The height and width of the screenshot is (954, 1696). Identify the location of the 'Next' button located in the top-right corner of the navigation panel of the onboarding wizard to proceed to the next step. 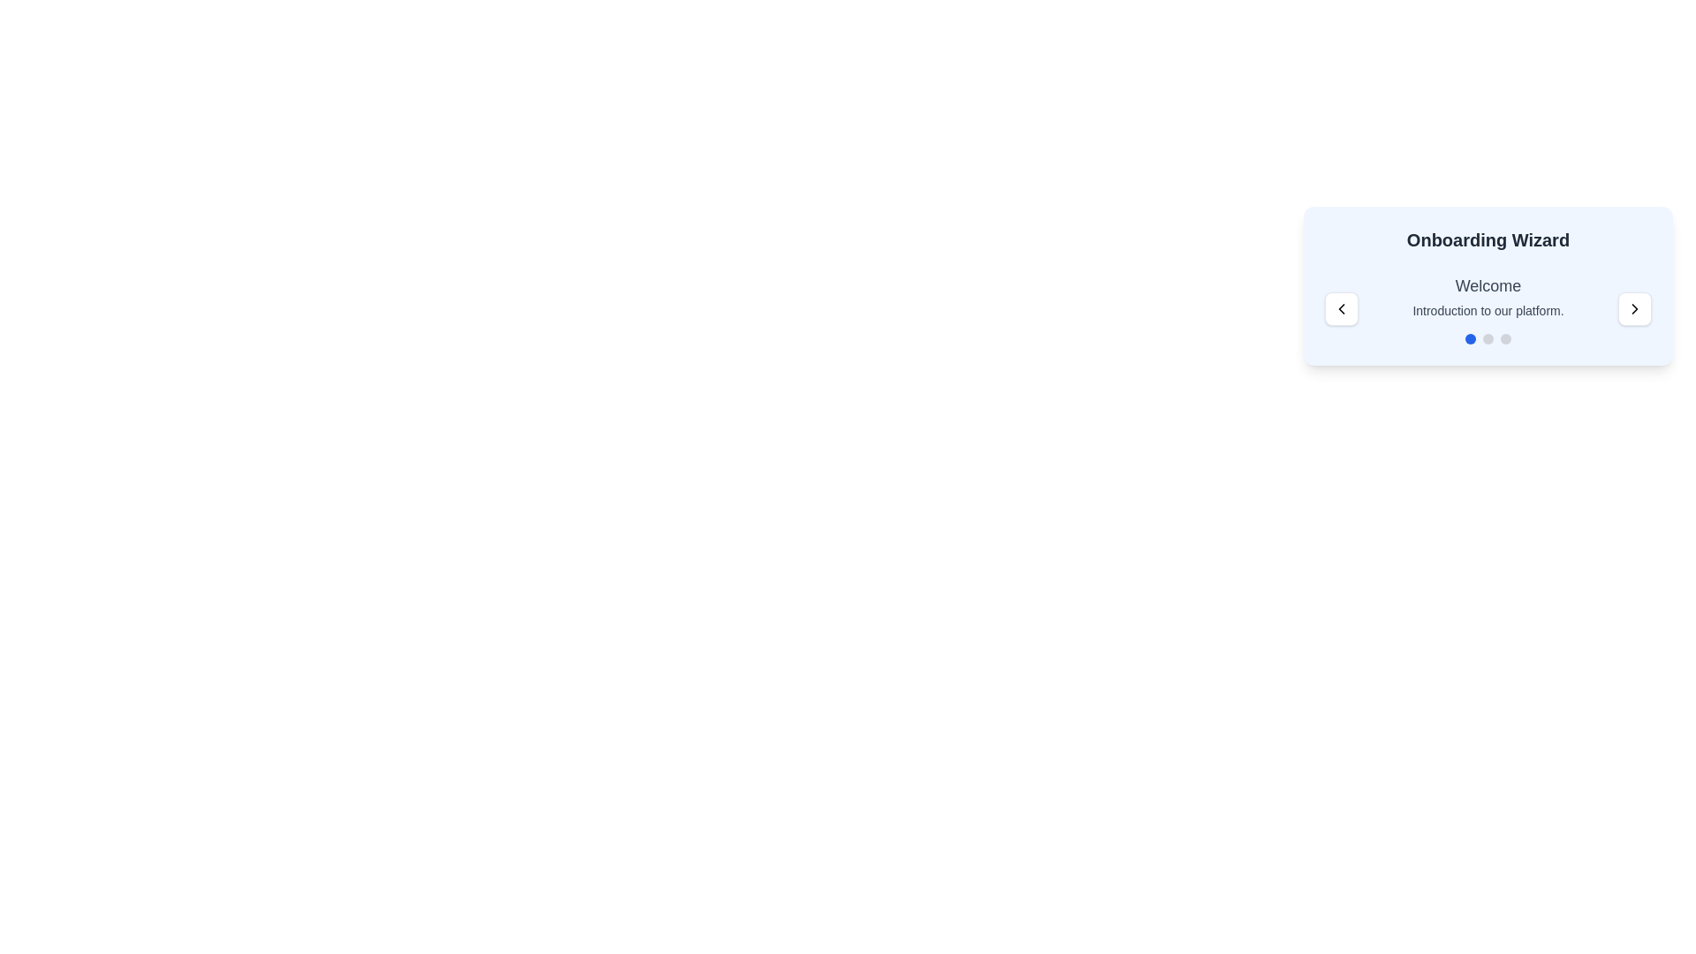
(1634, 308).